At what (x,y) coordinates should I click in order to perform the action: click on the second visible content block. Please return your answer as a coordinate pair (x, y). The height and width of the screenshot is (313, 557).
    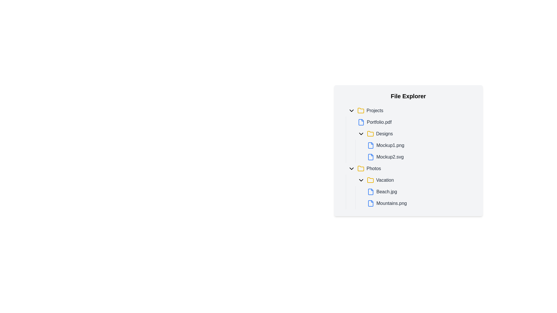
    Looking at the image, I should click on (415, 197).